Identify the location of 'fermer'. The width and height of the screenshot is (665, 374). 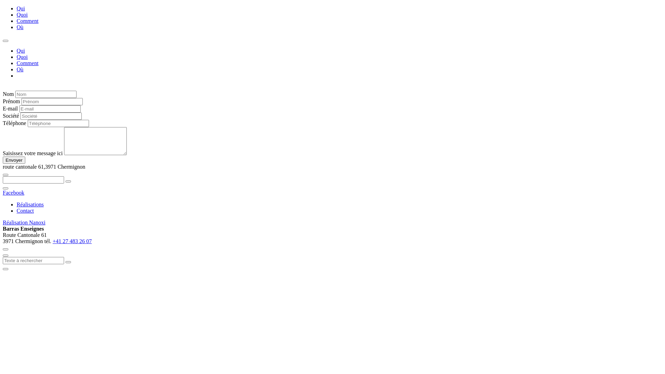
(5, 249).